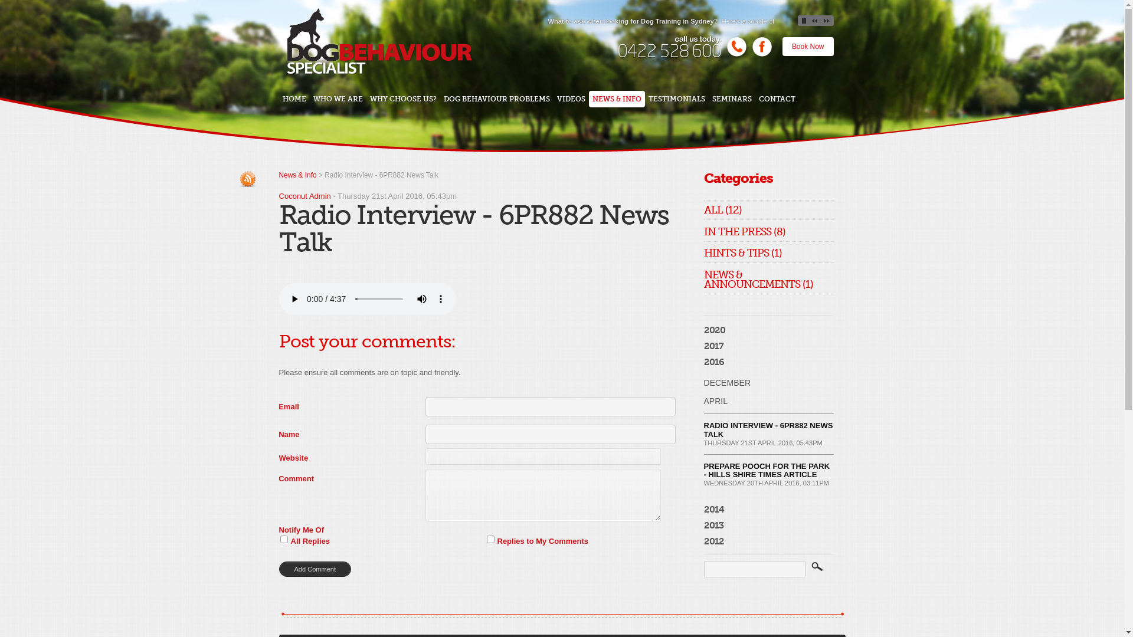 The height and width of the screenshot is (637, 1133). Describe the element at coordinates (807, 45) in the screenshot. I see `'Book Now'` at that location.